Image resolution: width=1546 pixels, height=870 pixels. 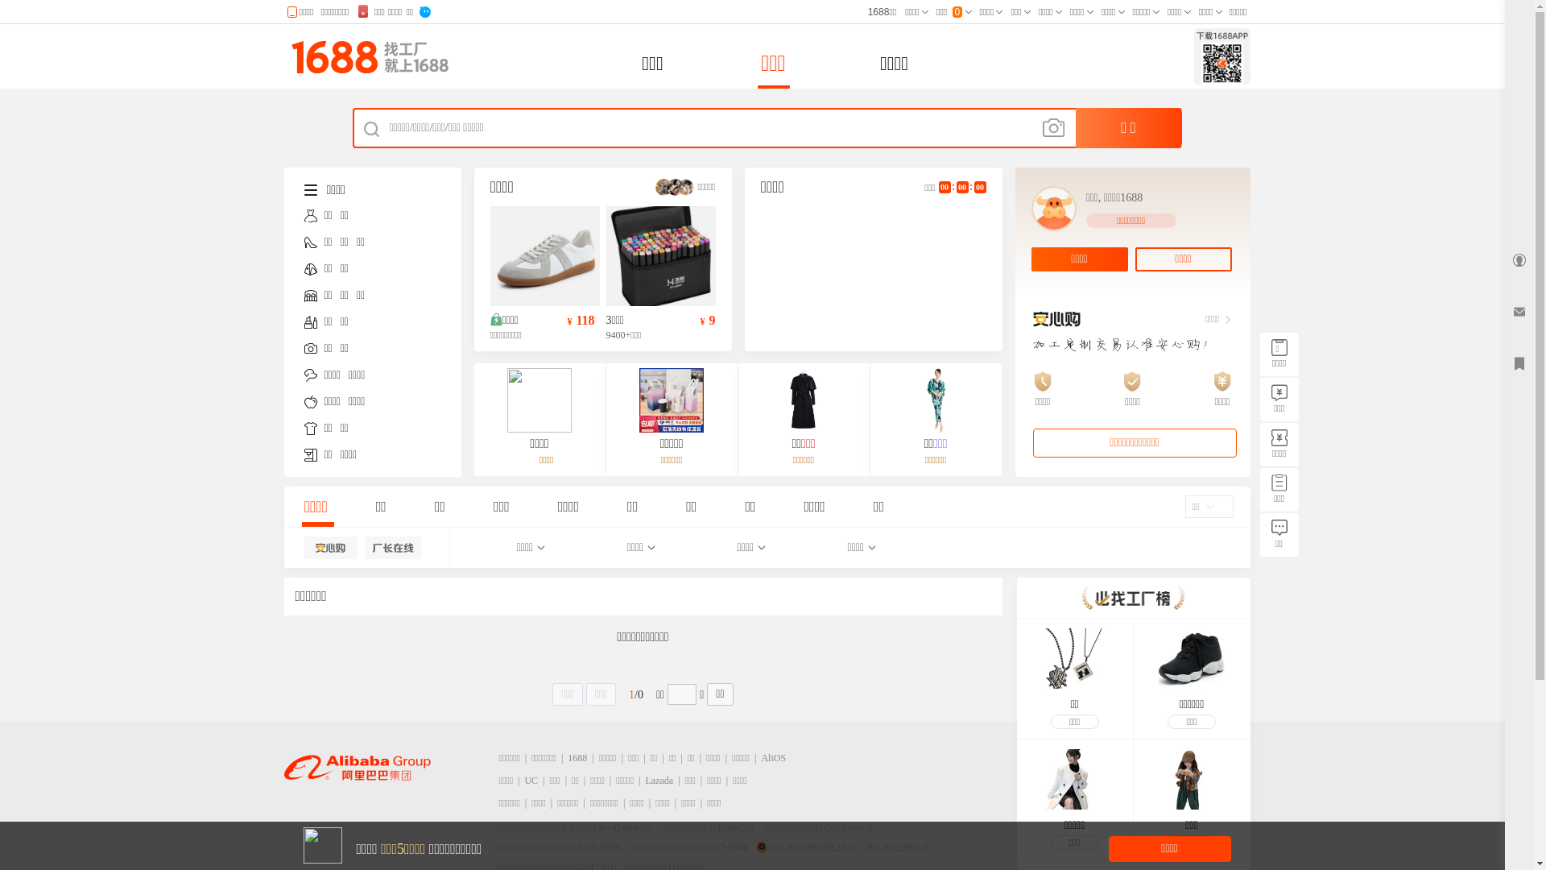 I want to click on 'UC', so click(x=524, y=779).